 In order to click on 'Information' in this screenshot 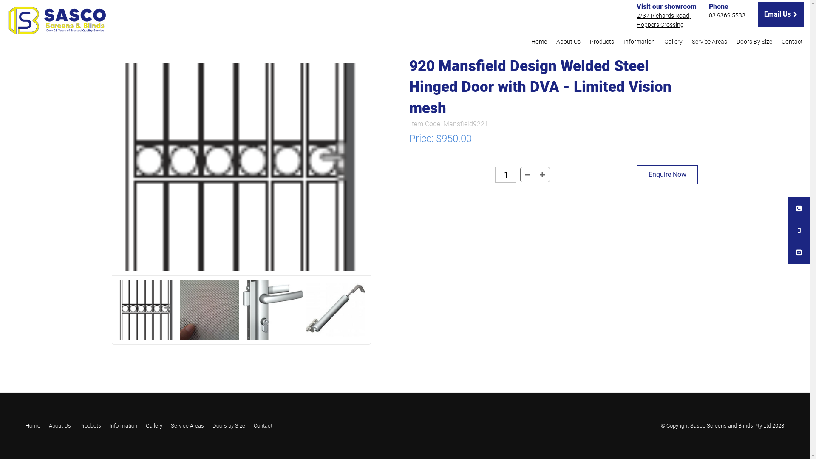, I will do `click(105, 426)`.